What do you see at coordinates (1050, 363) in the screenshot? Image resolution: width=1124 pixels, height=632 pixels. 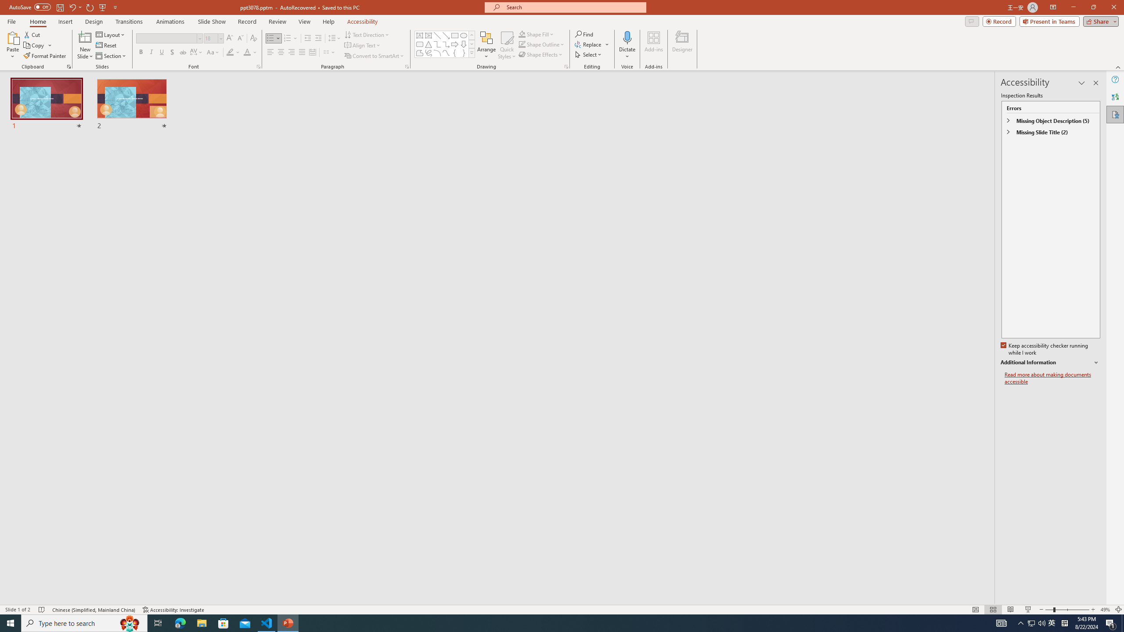 I see `'Additional Information'` at bounding box center [1050, 363].